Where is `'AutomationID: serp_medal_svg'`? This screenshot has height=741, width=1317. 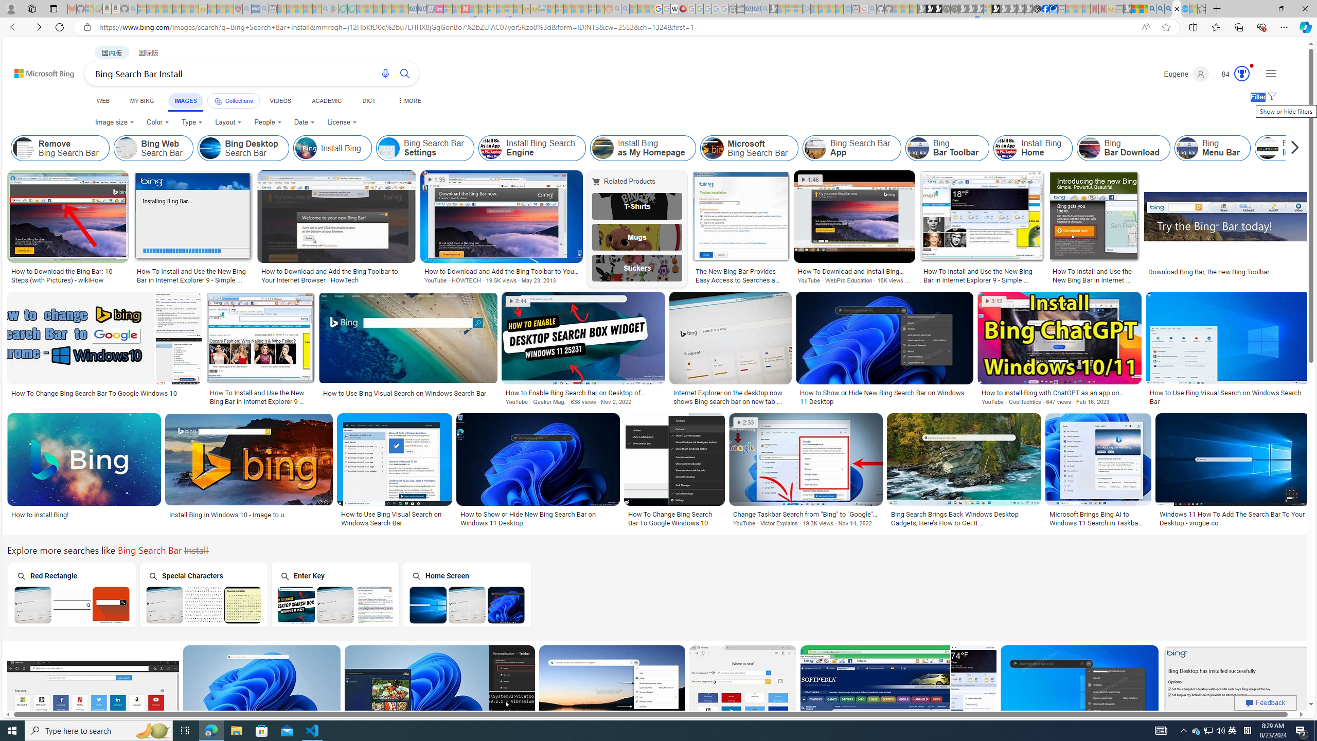 'AutomationID: serp_medal_svg' is located at coordinates (1241, 73).